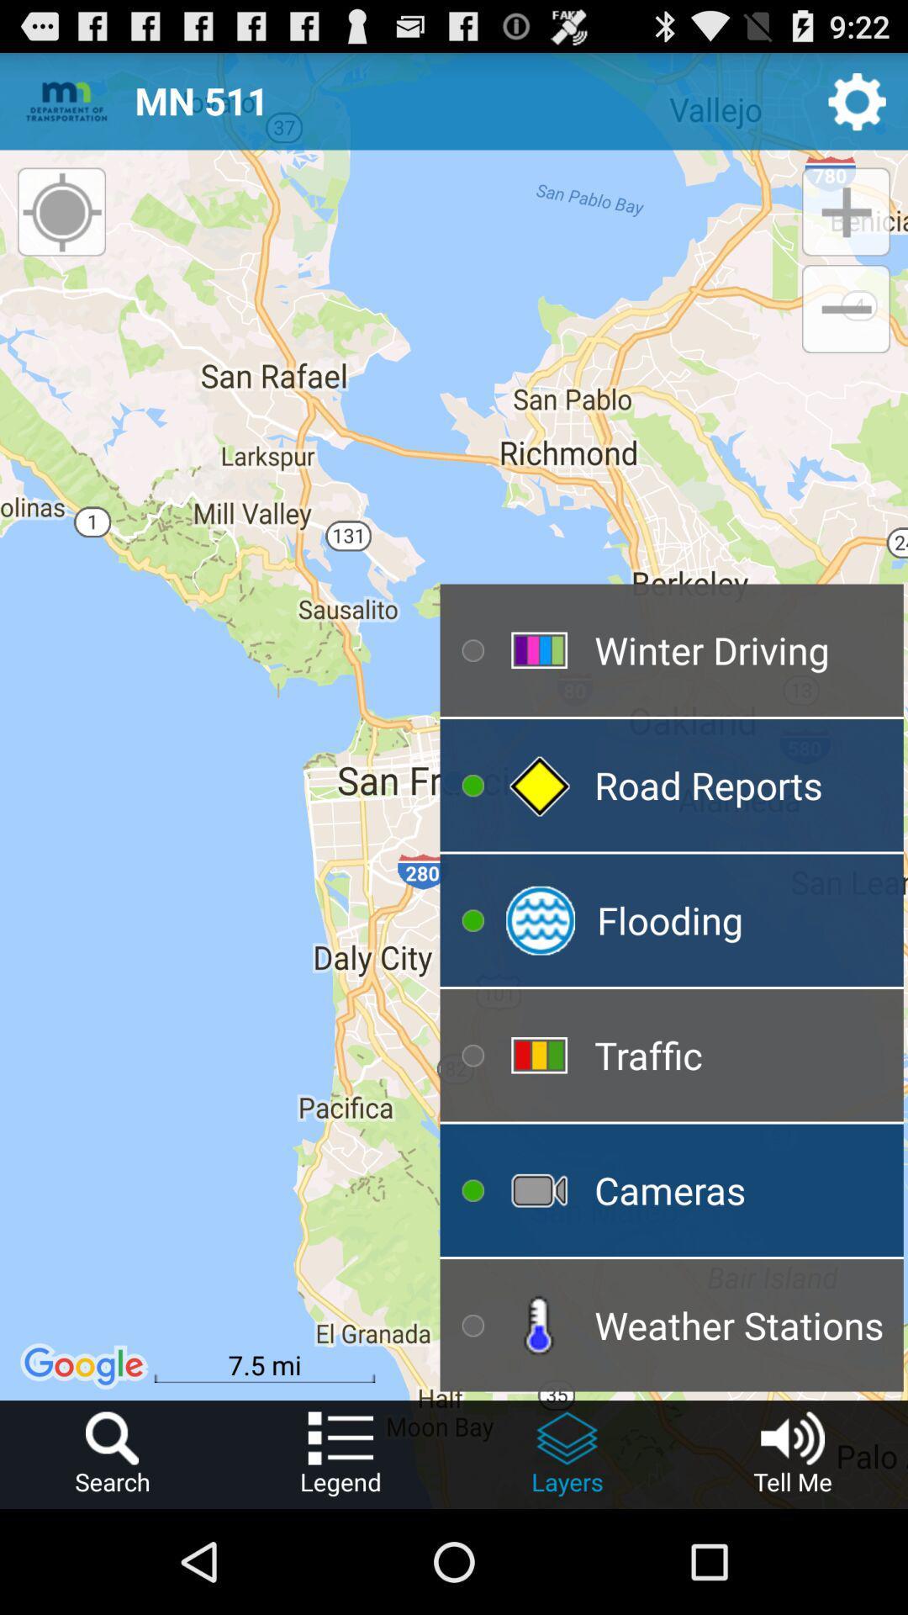 This screenshot has width=908, height=1615. Describe the element at coordinates (857, 108) in the screenshot. I see `the settings icon` at that location.